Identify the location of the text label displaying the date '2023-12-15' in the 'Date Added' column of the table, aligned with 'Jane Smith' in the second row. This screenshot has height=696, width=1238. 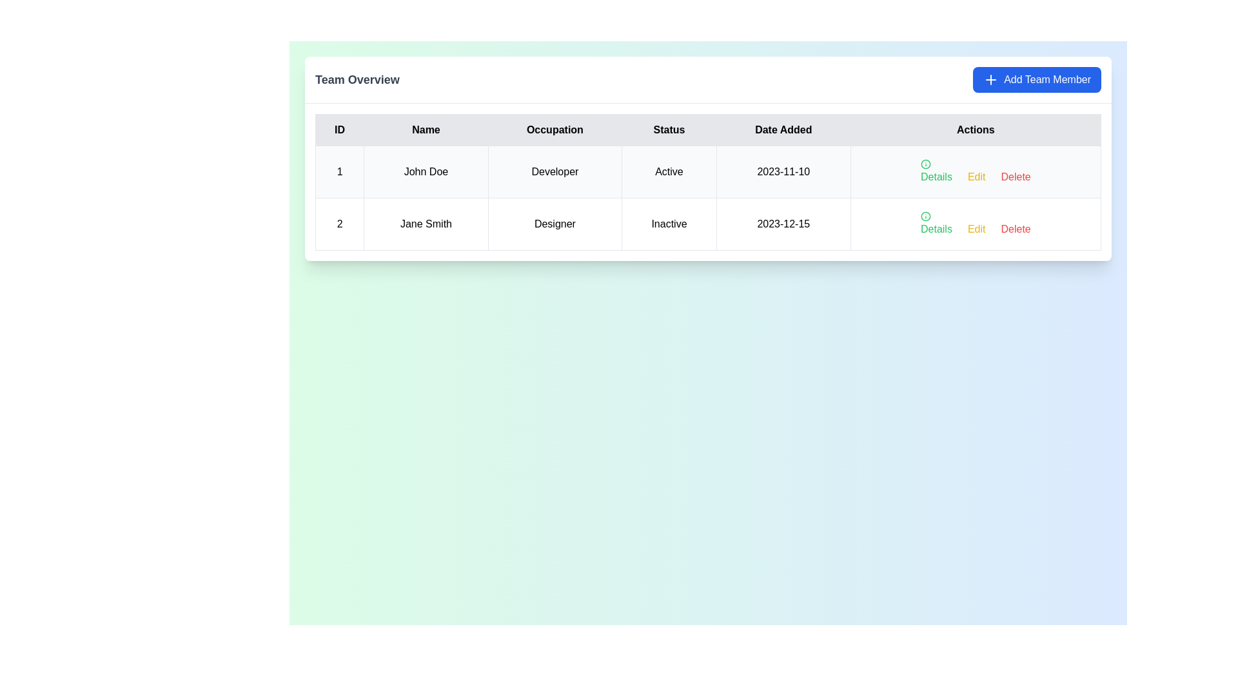
(783, 223).